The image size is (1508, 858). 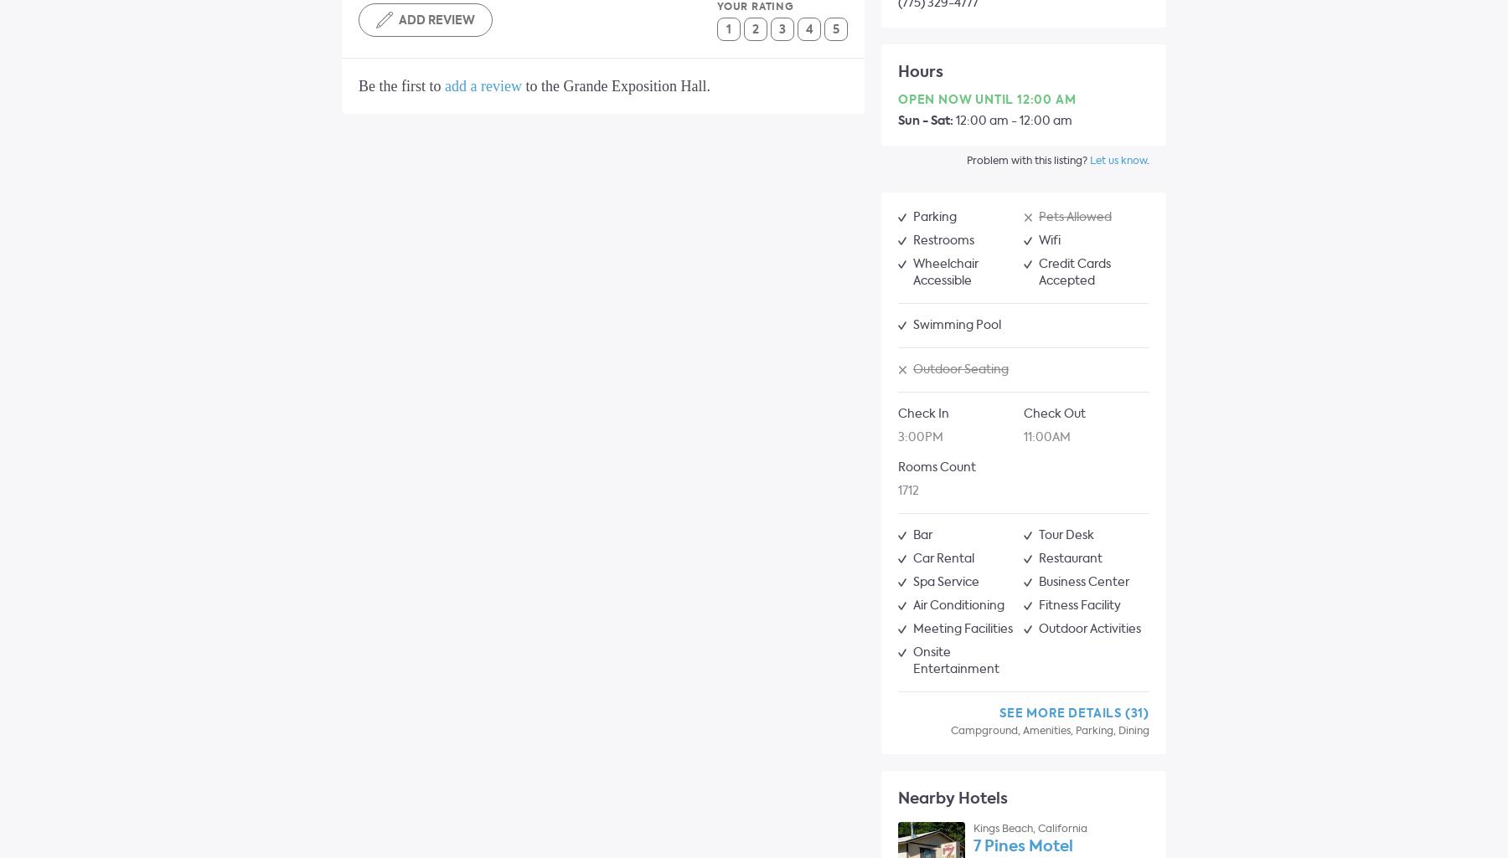 What do you see at coordinates (1012, 120) in the screenshot?
I see `'12:00 am - 12:00 am'` at bounding box center [1012, 120].